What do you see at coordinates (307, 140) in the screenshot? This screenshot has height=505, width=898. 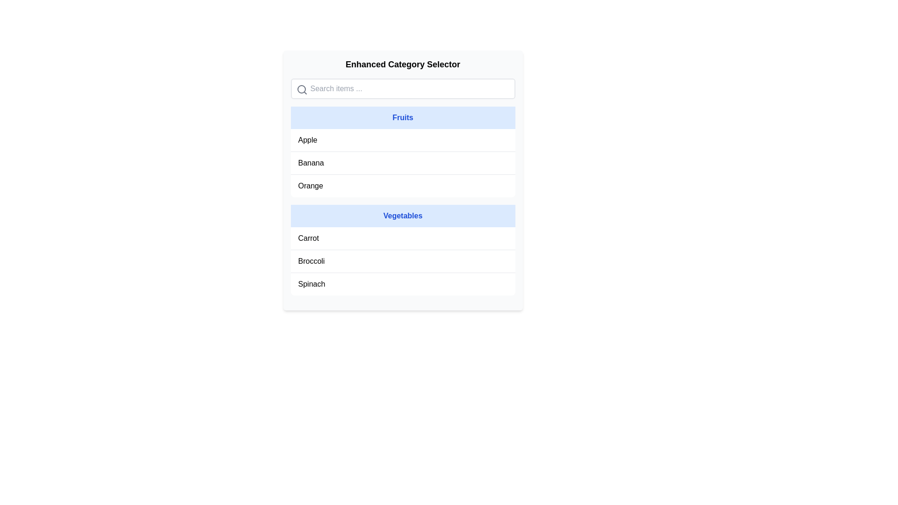 I see `the static text label displaying 'Apple', which is the topmost item in the 'Fruits' section of the category selector interface` at bounding box center [307, 140].